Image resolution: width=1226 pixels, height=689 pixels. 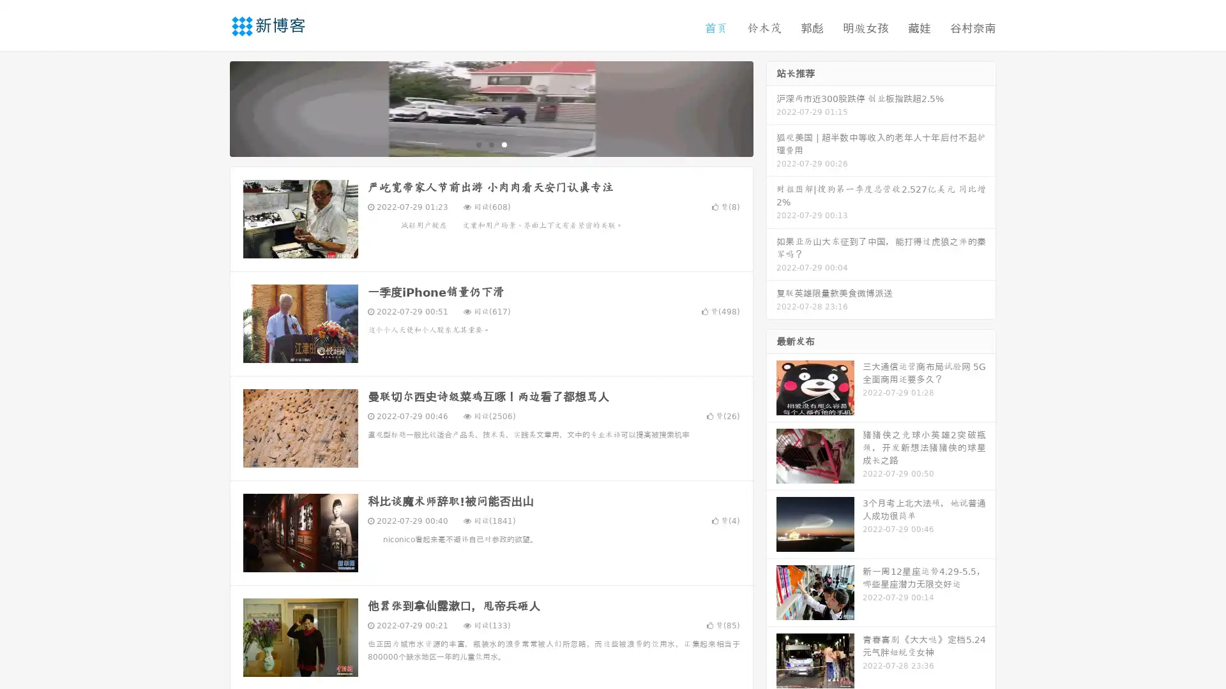 I want to click on Next slide, so click(x=771, y=107).